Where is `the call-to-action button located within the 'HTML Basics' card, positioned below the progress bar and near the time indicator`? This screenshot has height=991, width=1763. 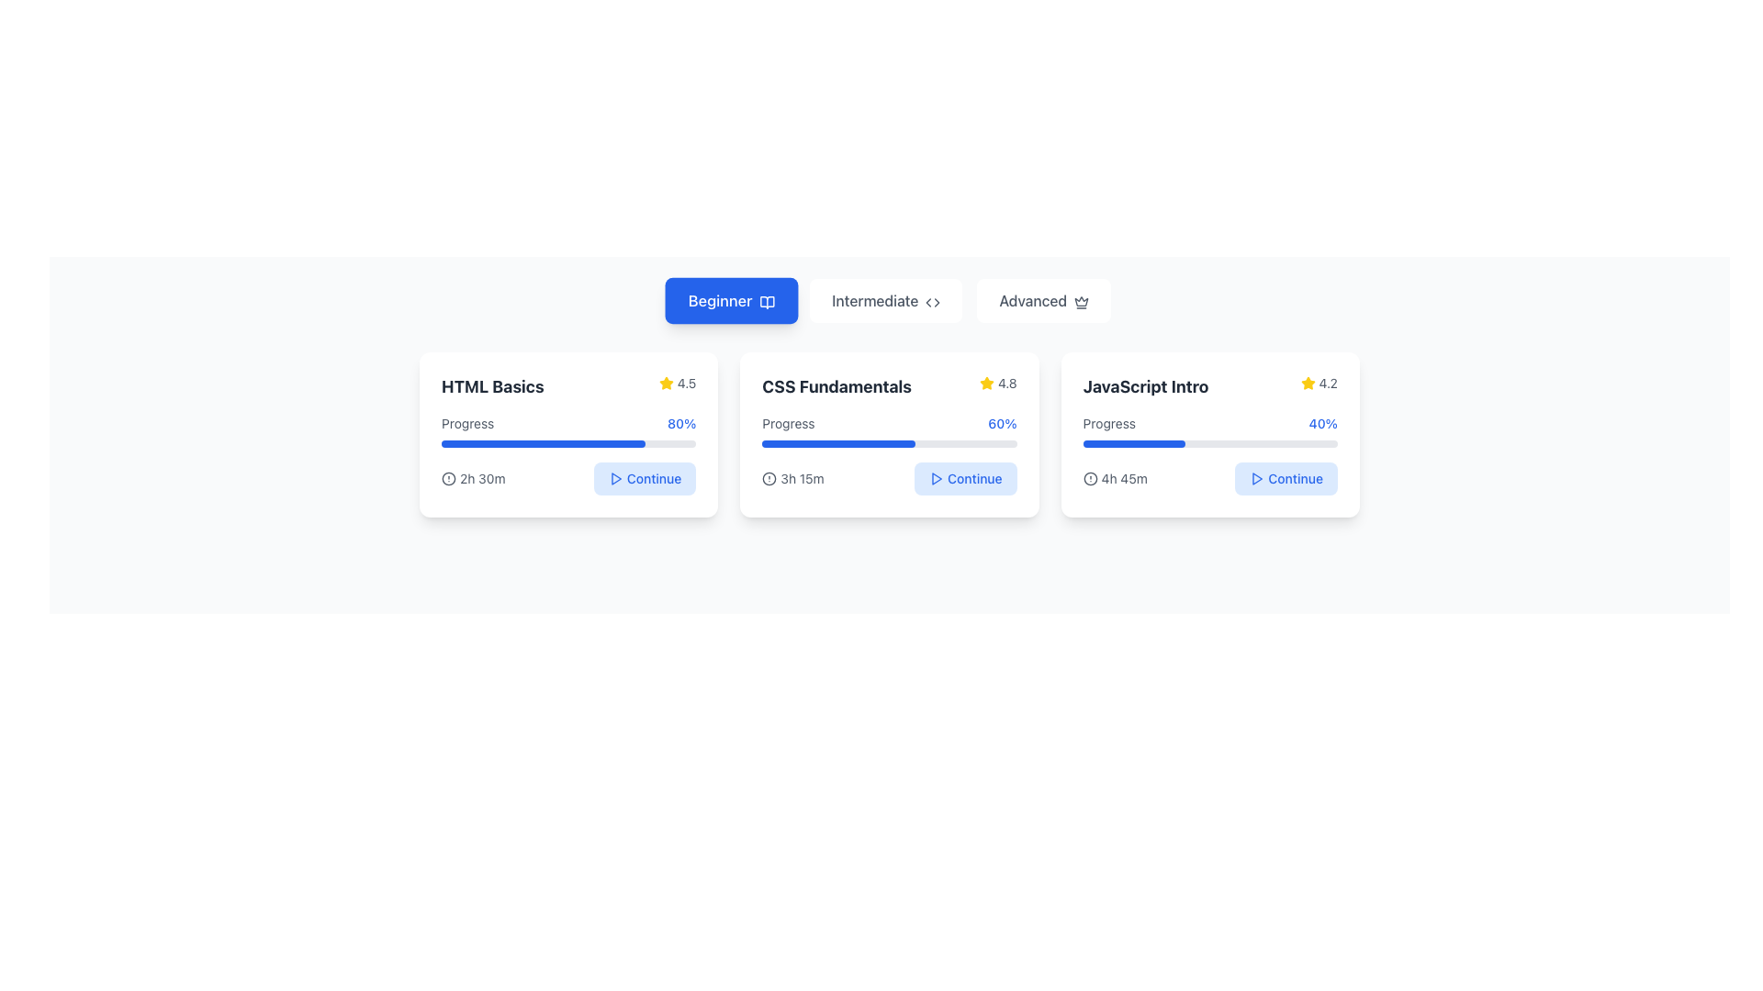 the call-to-action button located within the 'HTML Basics' card, positioned below the progress bar and near the time indicator is located at coordinates (645, 477).